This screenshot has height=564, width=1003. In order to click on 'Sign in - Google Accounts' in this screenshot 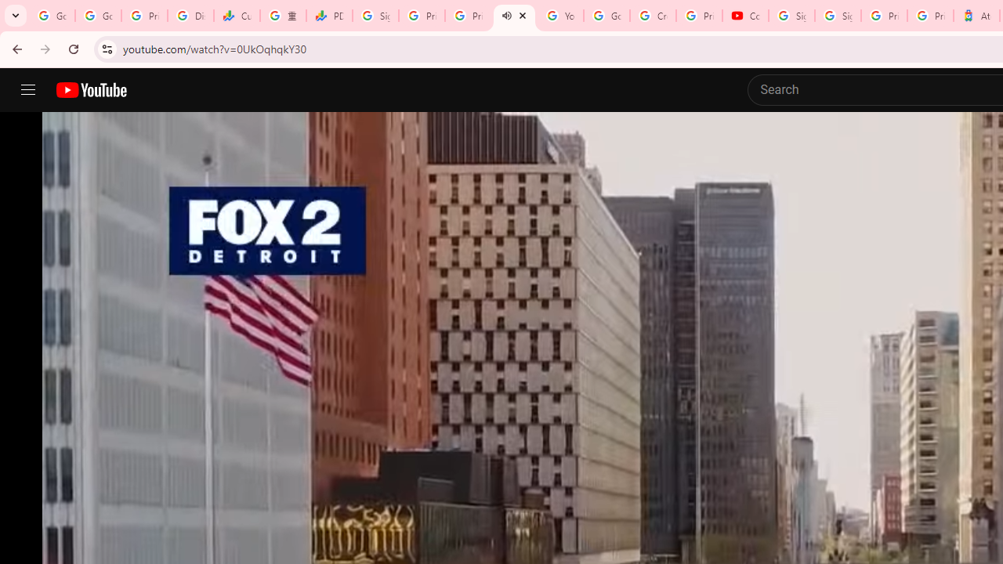, I will do `click(837, 16)`.